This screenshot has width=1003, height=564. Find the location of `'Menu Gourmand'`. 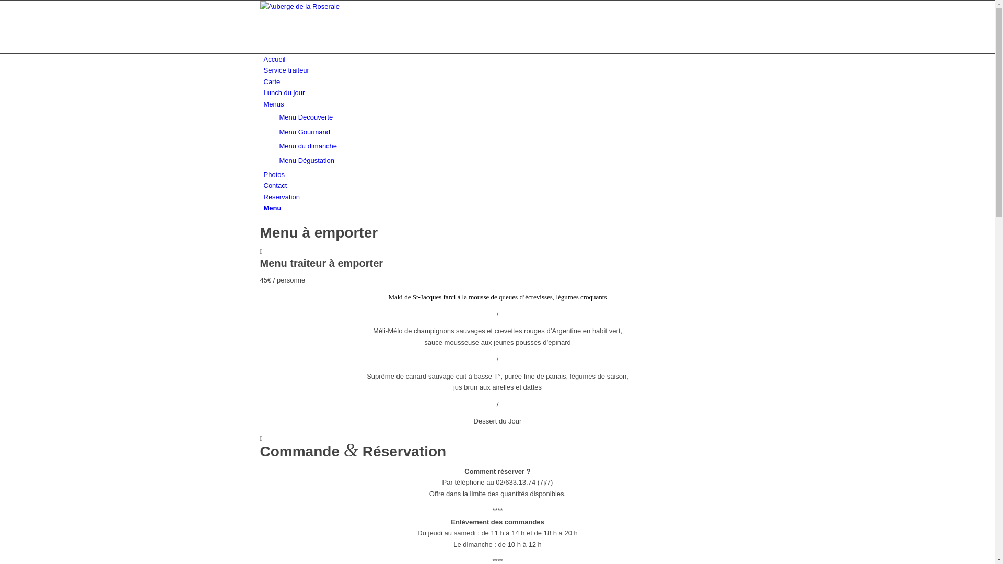

'Menu Gourmand' is located at coordinates (304, 131).